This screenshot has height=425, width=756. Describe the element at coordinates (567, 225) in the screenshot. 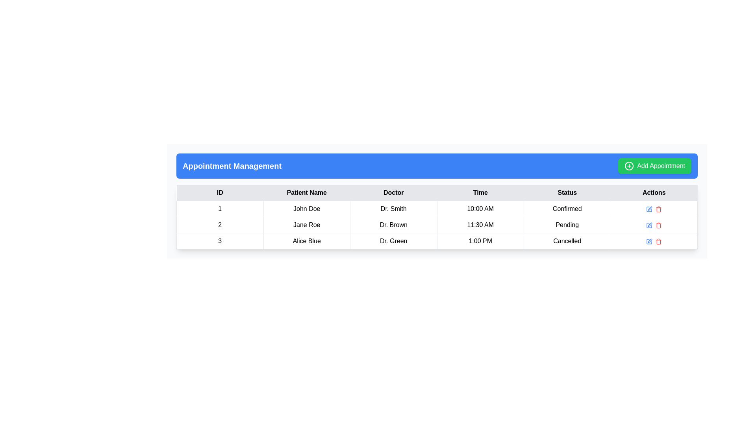

I see `the 'Pending' status indicator in the second row of the table for patient 'Jane Roe' and doctor 'Dr. Brown'` at that location.